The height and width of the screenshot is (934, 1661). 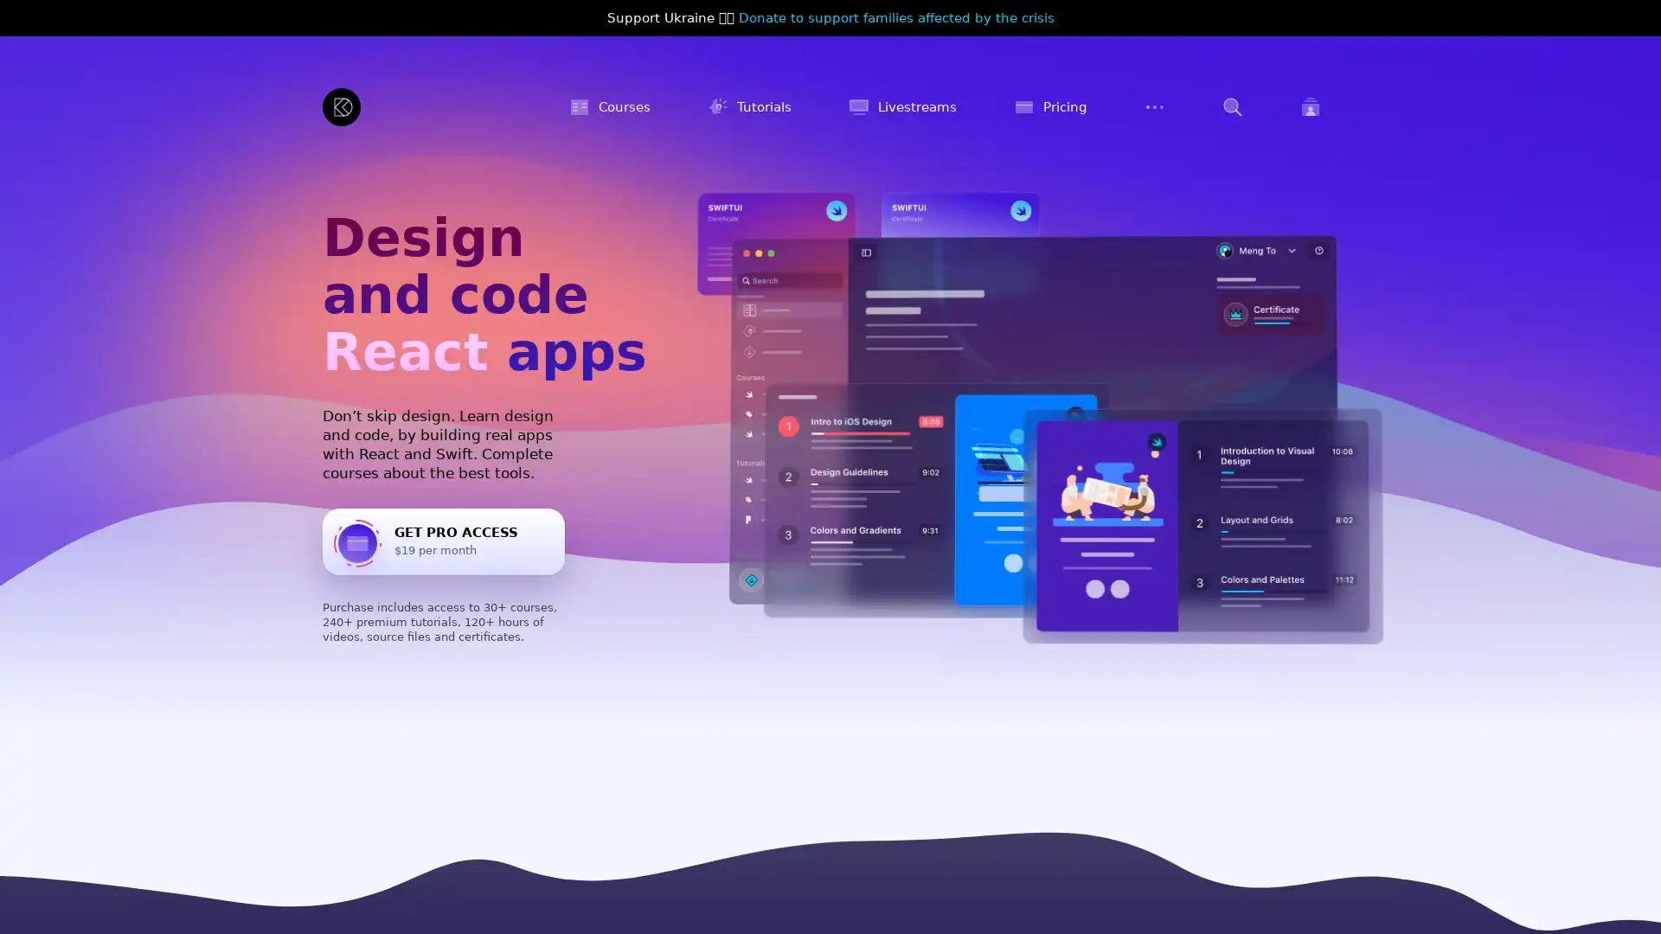 I want to click on Livestreams icon Livestreams, so click(x=901, y=106).